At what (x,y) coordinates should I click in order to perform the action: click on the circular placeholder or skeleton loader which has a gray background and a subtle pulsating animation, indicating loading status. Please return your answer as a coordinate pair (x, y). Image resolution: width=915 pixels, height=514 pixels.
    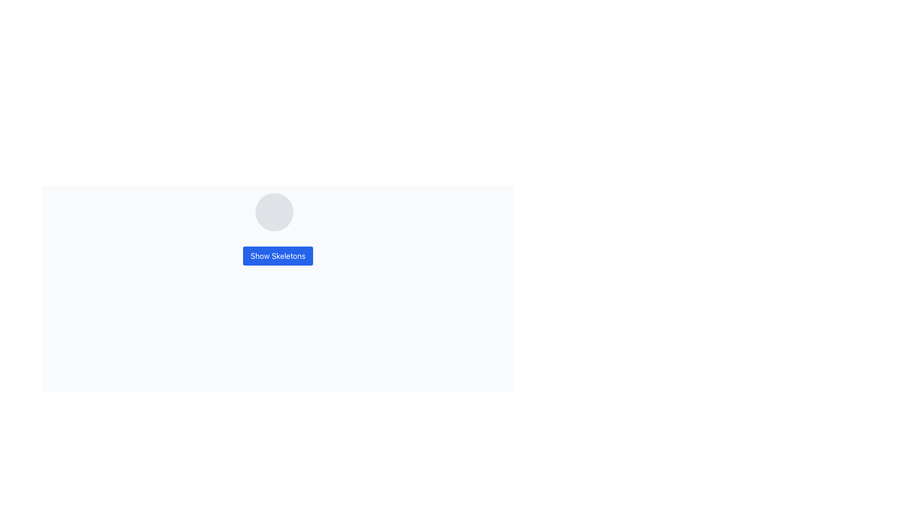
    Looking at the image, I should click on (274, 212).